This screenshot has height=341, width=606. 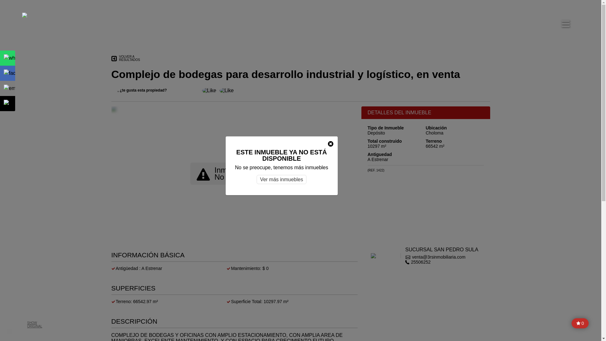 I want to click on '25506252', so click(x=441, y=262).